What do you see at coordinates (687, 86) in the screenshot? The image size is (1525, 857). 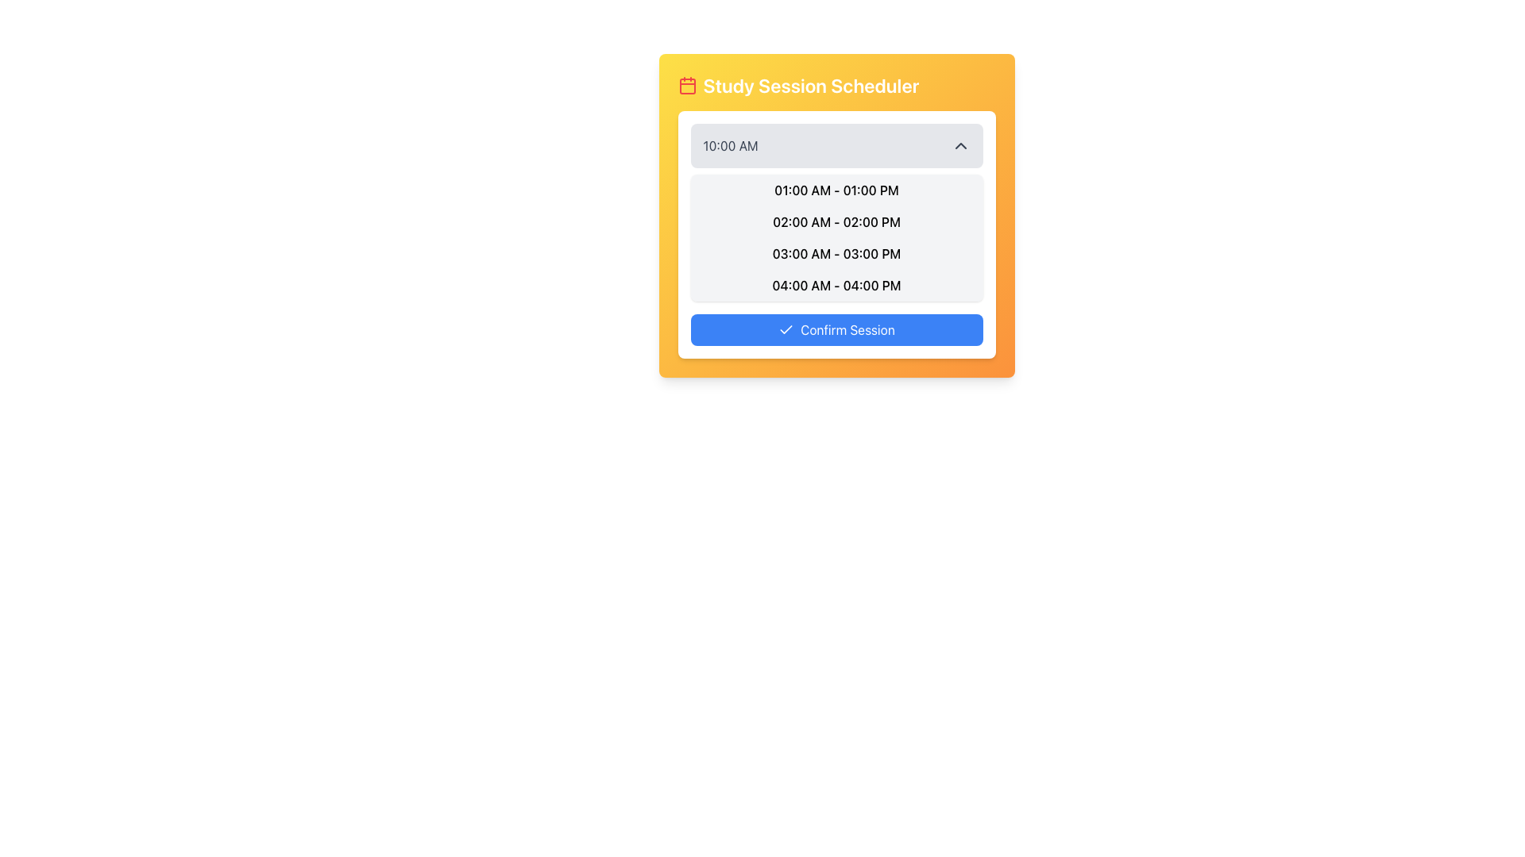 I see `the icon representing the 'Study Session Scheduler' feature, located at the top left corner of the panel` at bounding box center [687, 86].